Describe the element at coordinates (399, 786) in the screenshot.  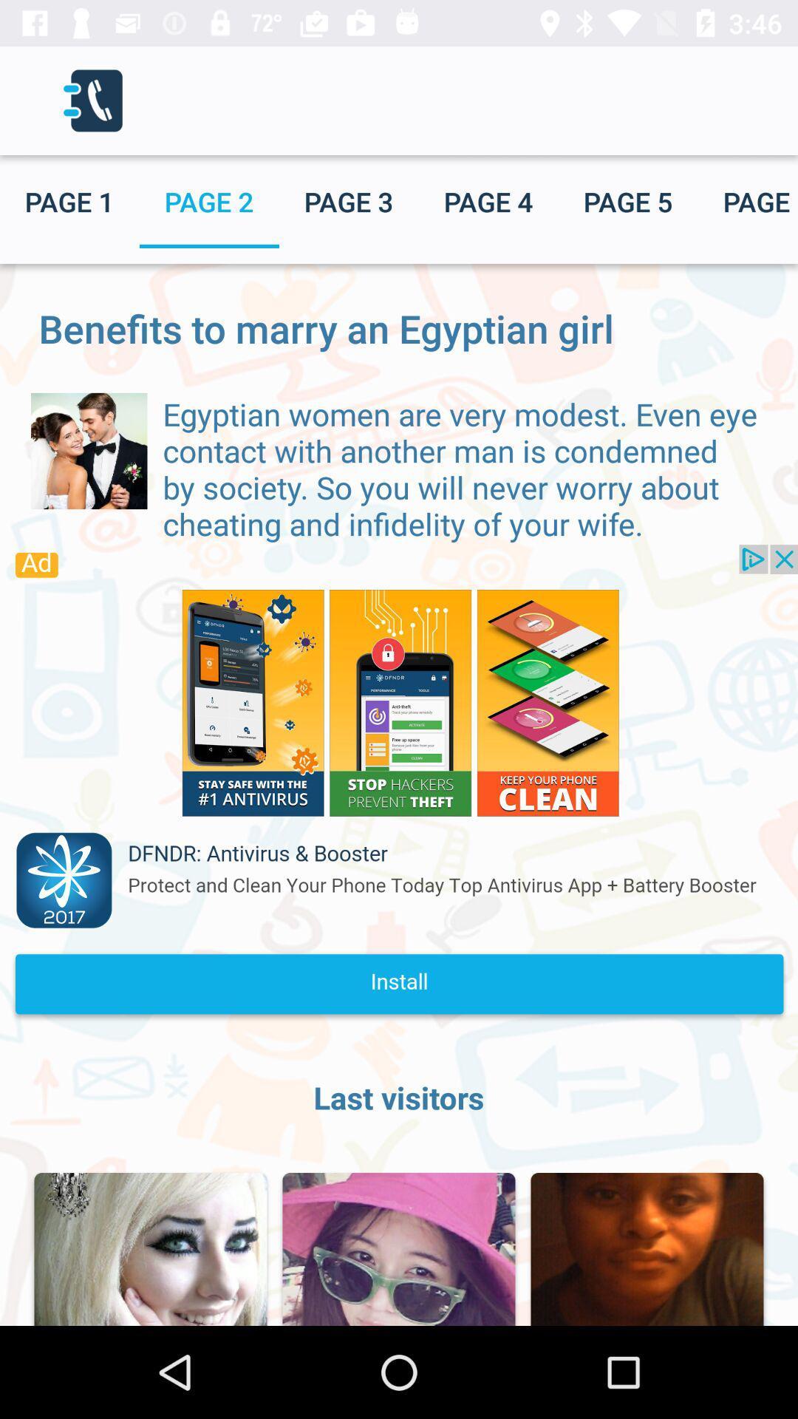
I see `install dfndr` at that location.